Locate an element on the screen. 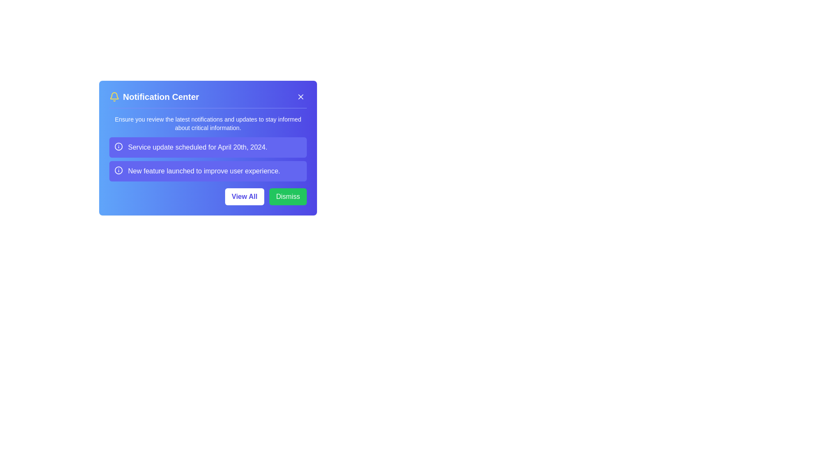  the Text label with an icon located at the top-left part of the notification modal, which serves as a header for user notifications is located at coordinates (154, 96).